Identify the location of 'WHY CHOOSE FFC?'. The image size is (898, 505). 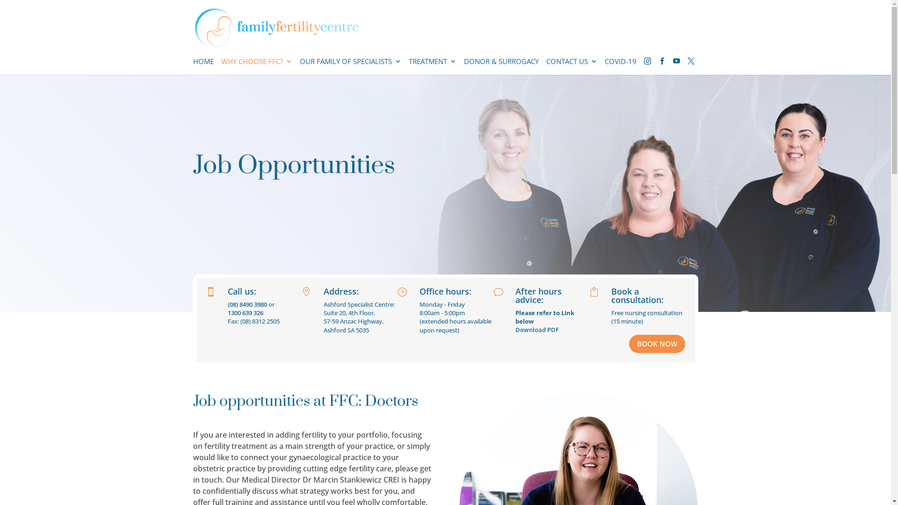
(256, 66).